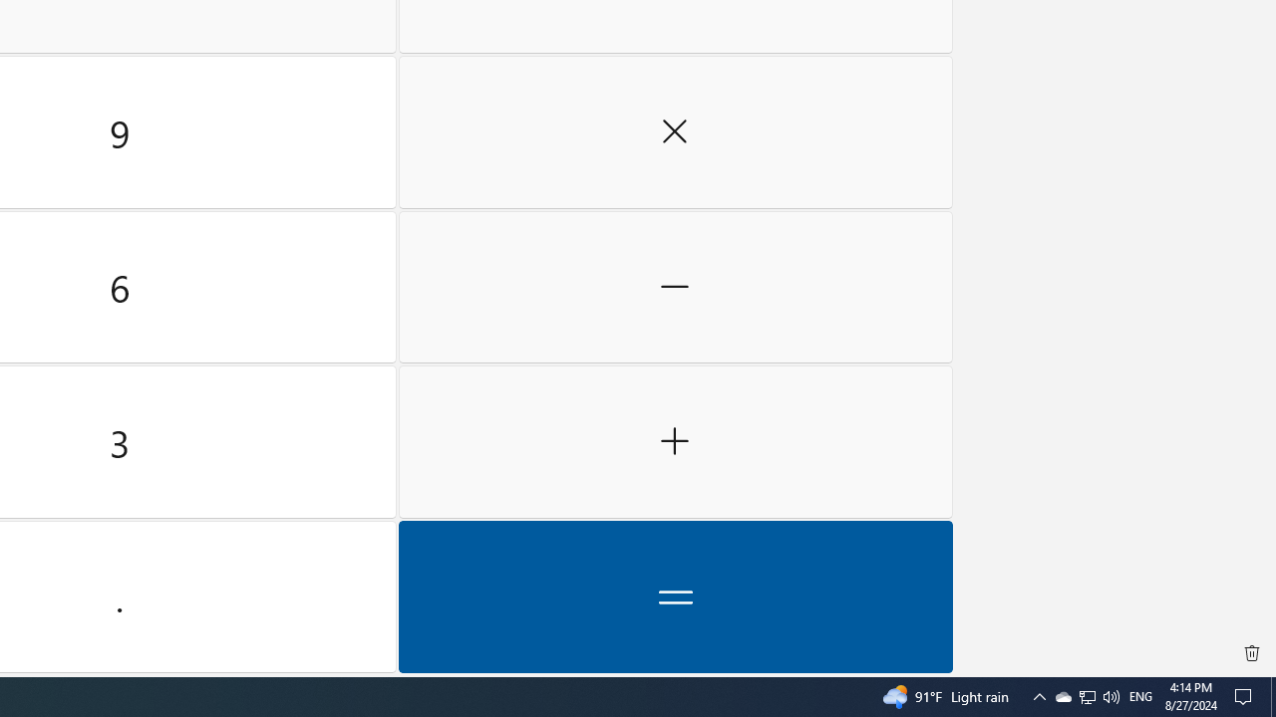 The image size is (1276, 717). Describe the element at coordinates (675, 441) in the screenshot. I see `'Plus'` at that location.